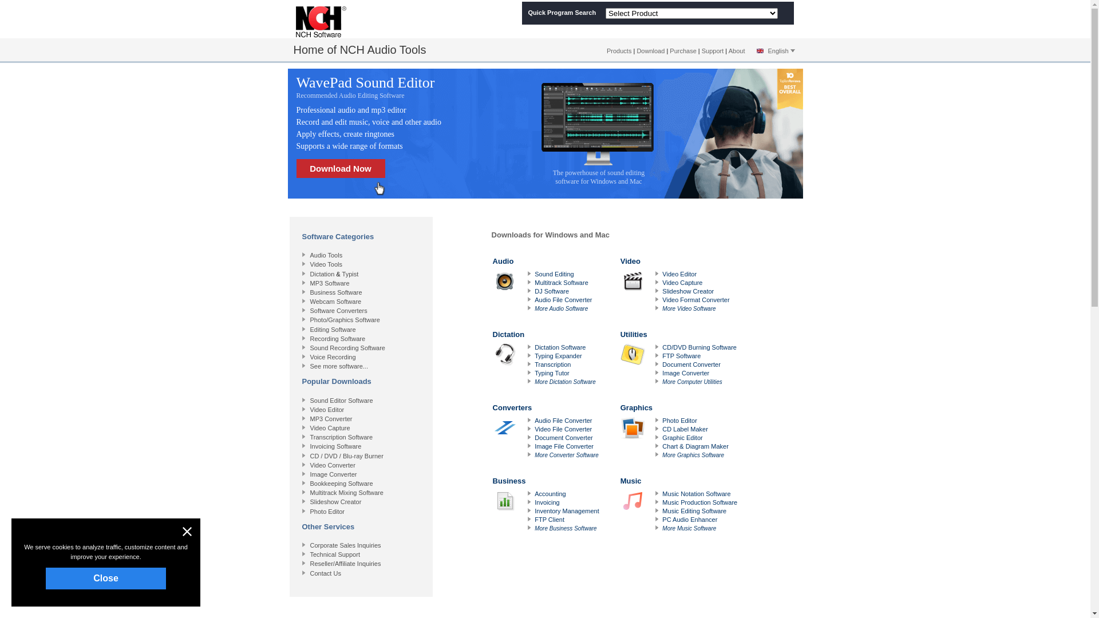  Describe the element at coordinates (680, 356) in the screenshot. I see `'Utilities'` at that location.